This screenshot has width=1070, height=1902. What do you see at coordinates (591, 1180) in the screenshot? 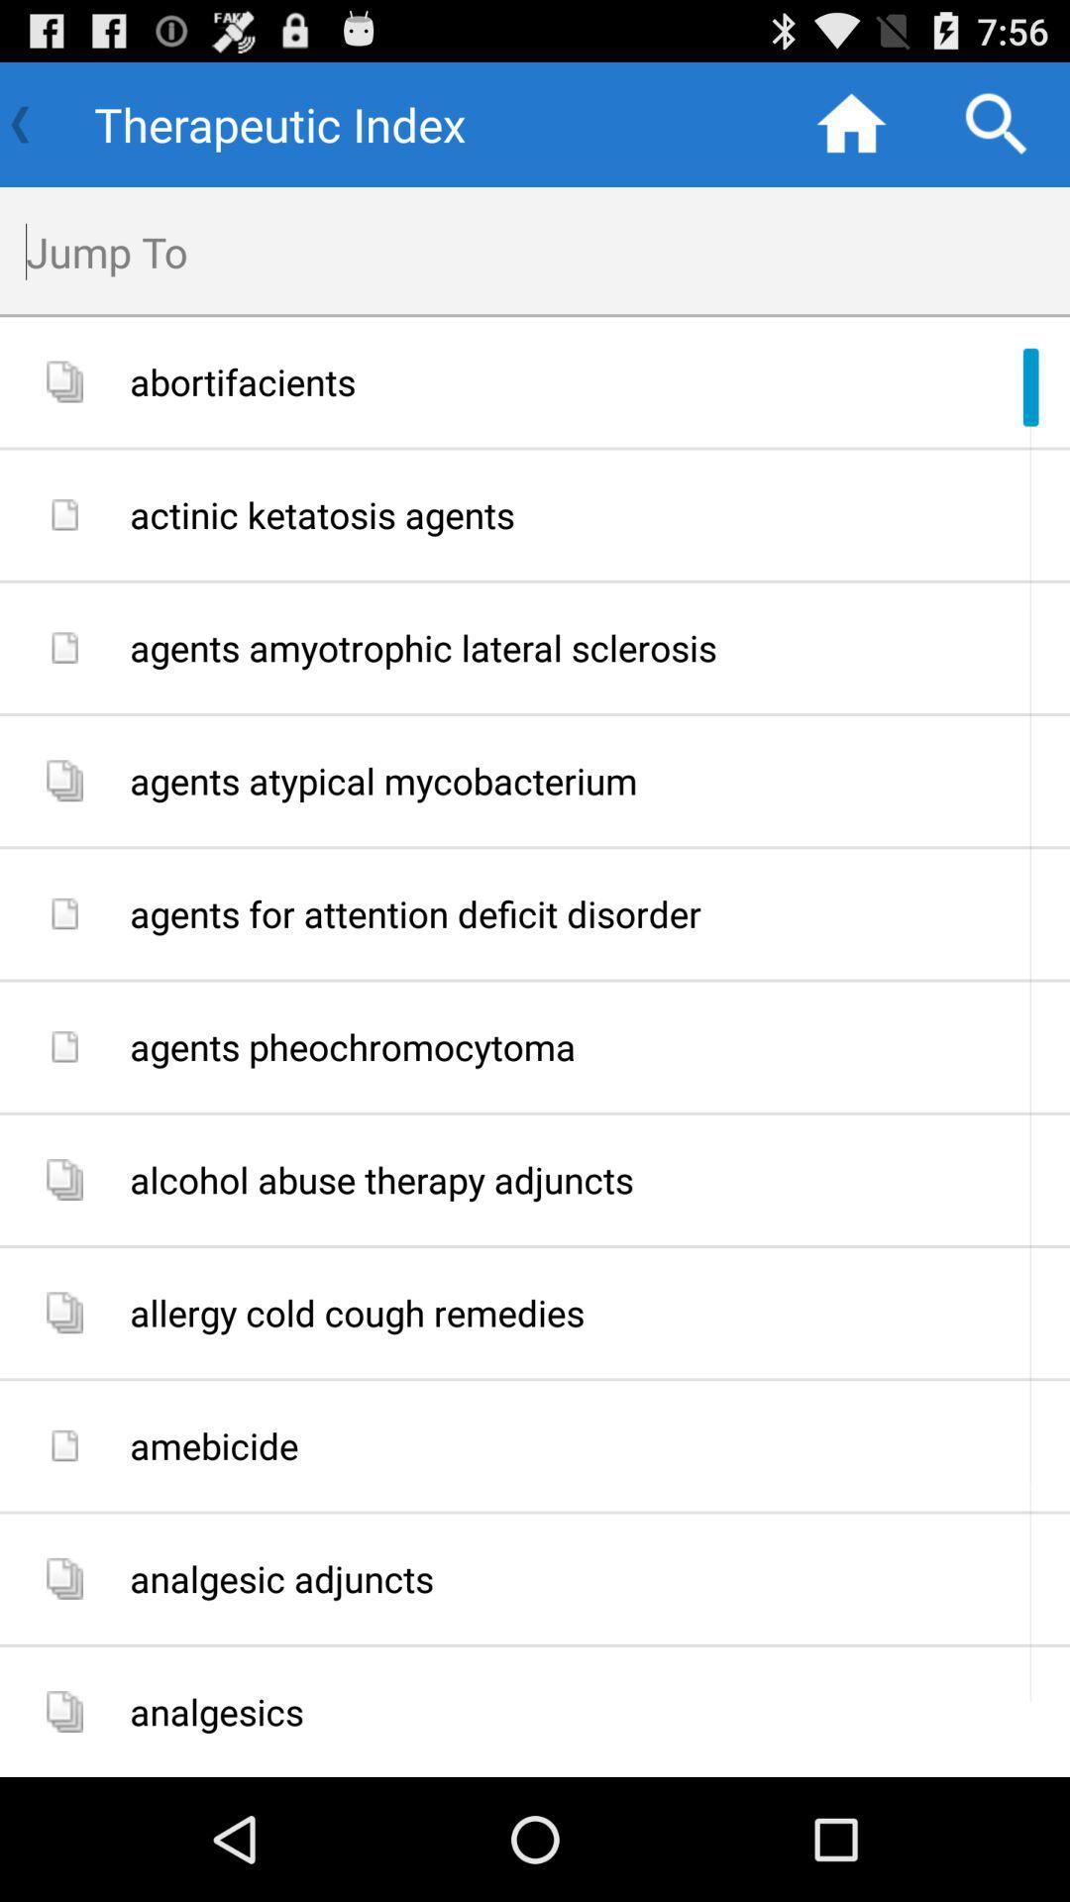
I see `alcohol abuse therapy icon` at bounding box center [591, 1180].